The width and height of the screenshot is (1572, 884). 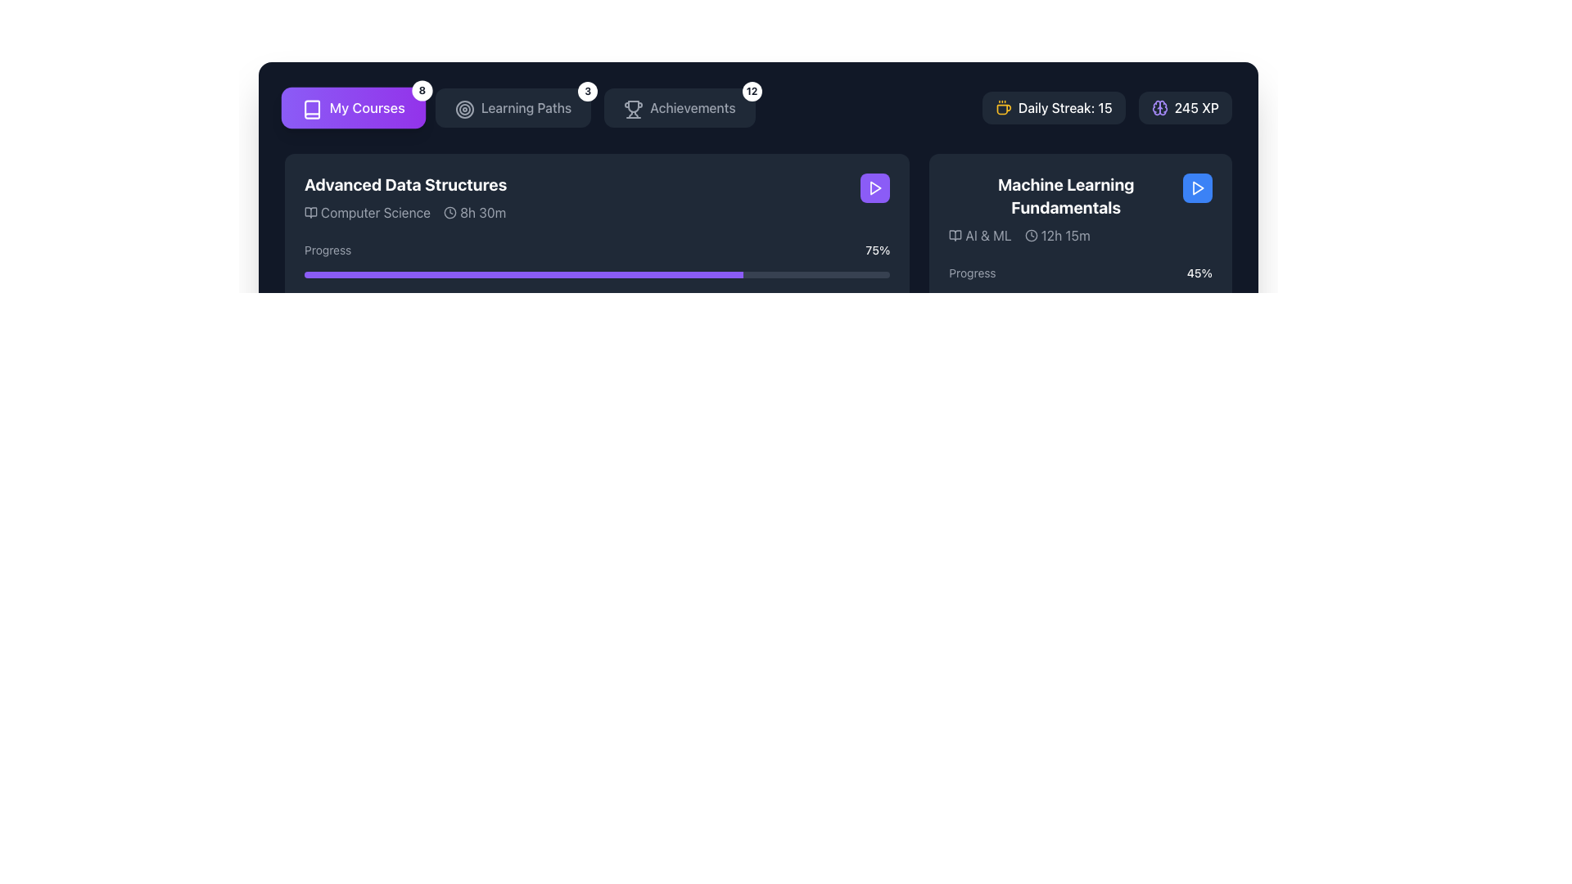 I want to click on the 'Advanced Data Structures' text label, which is prominently displayed in bold white font on a dark background at the top of a course information card, so click(x=405, y=184).